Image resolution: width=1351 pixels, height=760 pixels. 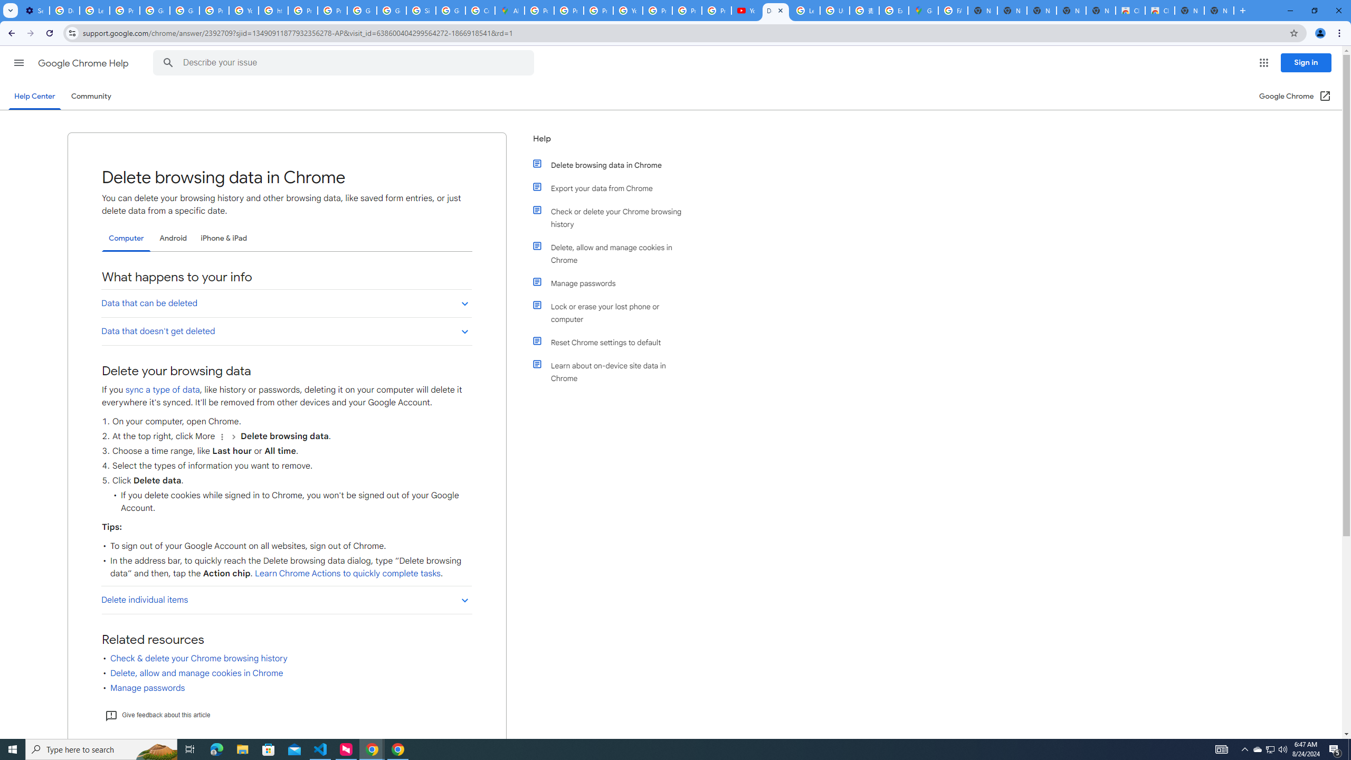 What do you see at coordinates (126, 238) in the screenshot?
I see `'Computer'` at bounding box center [126, 238].